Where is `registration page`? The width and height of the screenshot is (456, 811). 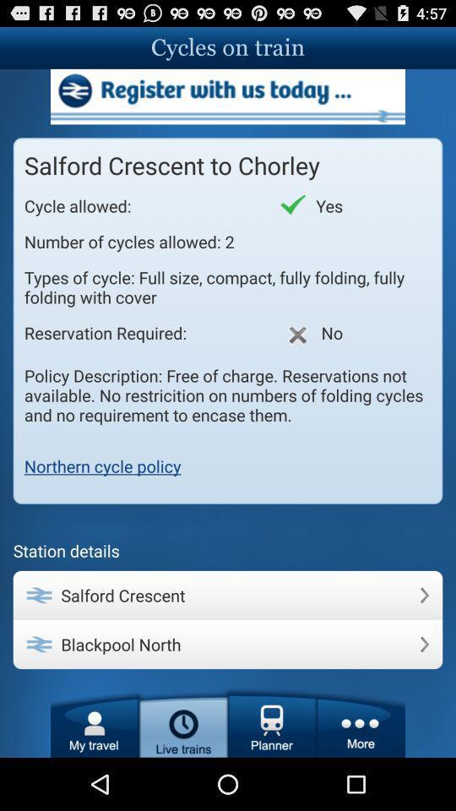 registration page is located at coordinates (228, 96).